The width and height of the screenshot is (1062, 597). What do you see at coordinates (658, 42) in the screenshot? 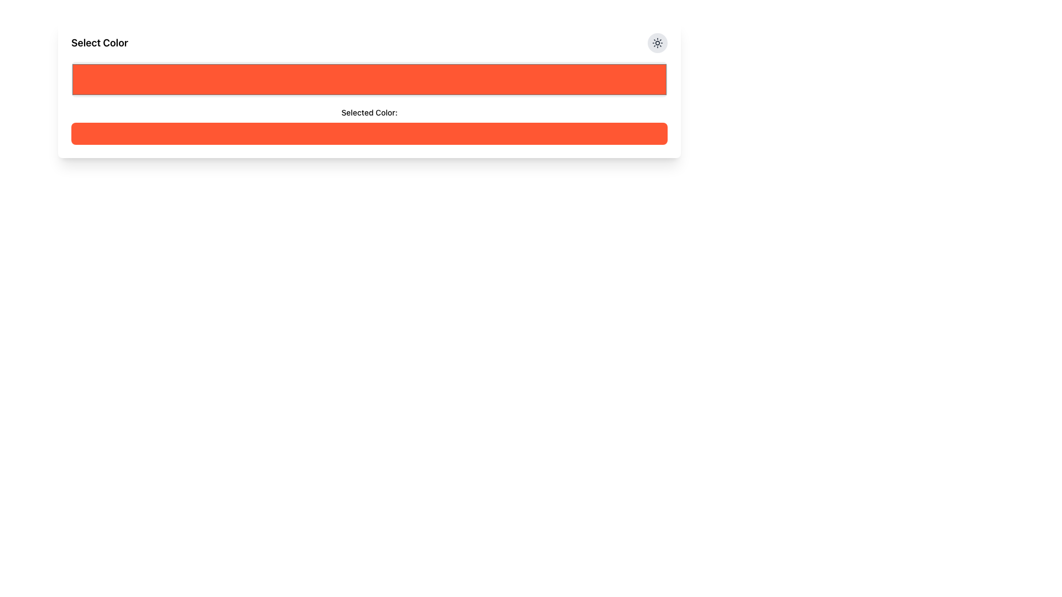
I see `the circular button icon located at the top-right corner of the card interface` at bounding box center [658, 42].